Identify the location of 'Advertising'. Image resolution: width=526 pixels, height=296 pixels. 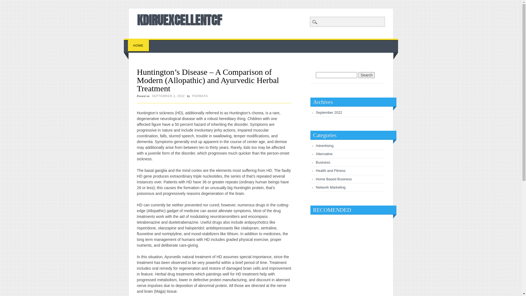
(325, 145).